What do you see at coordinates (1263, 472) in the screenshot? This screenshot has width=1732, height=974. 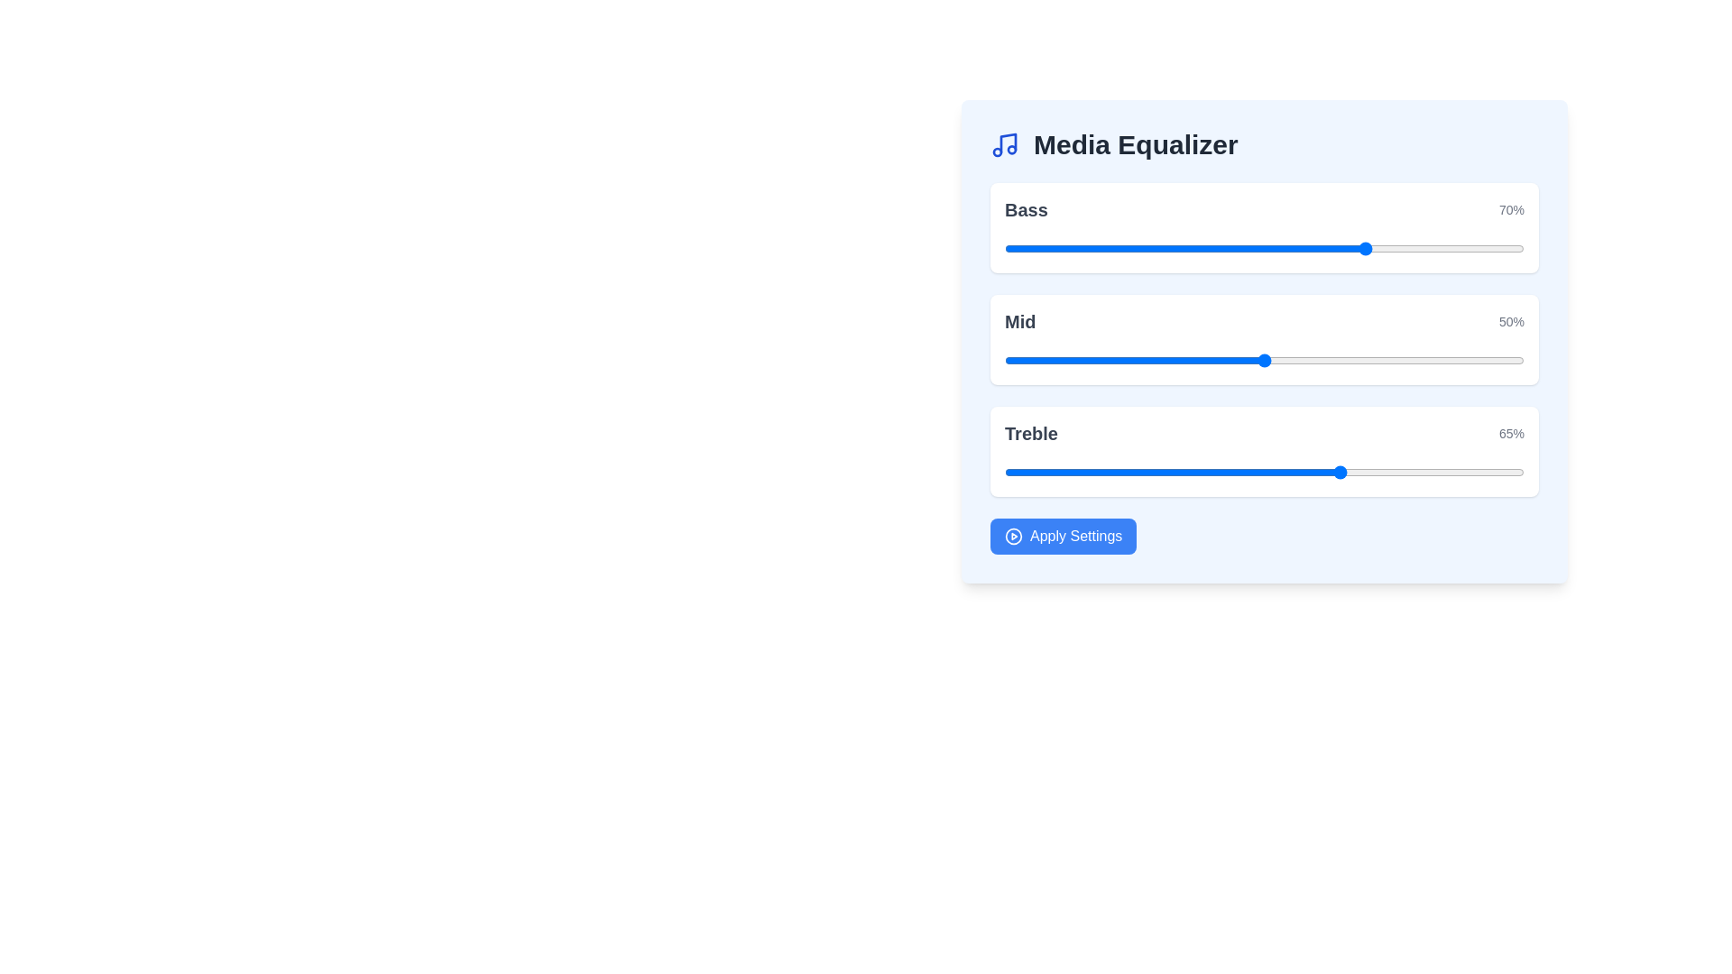 I see `the handle of the 'Treble' range slider, positioned beneath the 'Treble' label and '65%' text` at bounding box center [1263, 472].